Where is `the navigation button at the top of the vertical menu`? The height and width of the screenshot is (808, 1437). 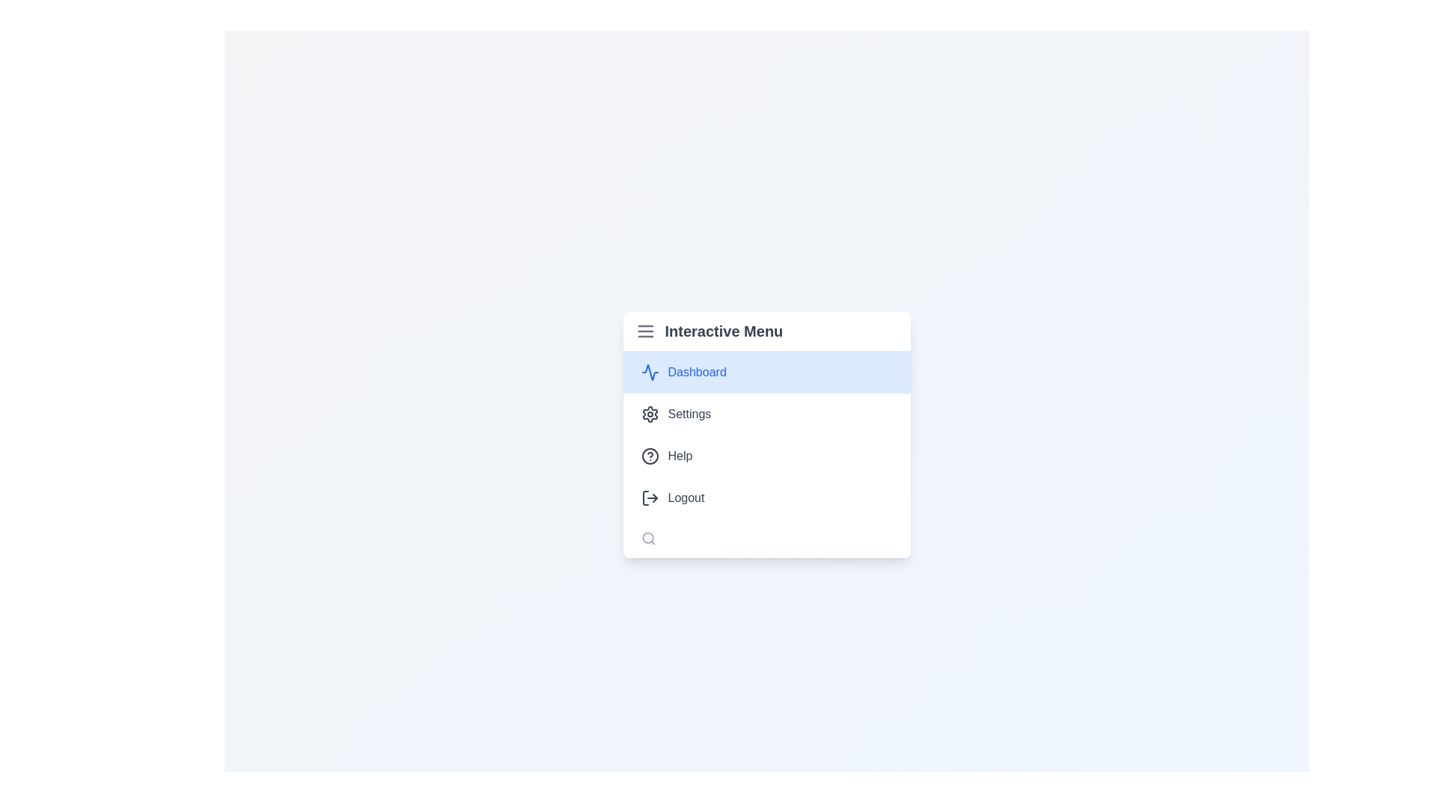
the navigation button at the top of the vertical menu is located at coordinates (766, 371).